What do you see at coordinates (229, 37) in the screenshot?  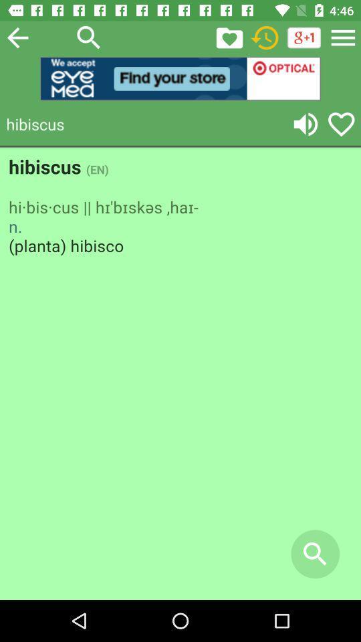 I see `notification option` at bounding box center [229, 37].